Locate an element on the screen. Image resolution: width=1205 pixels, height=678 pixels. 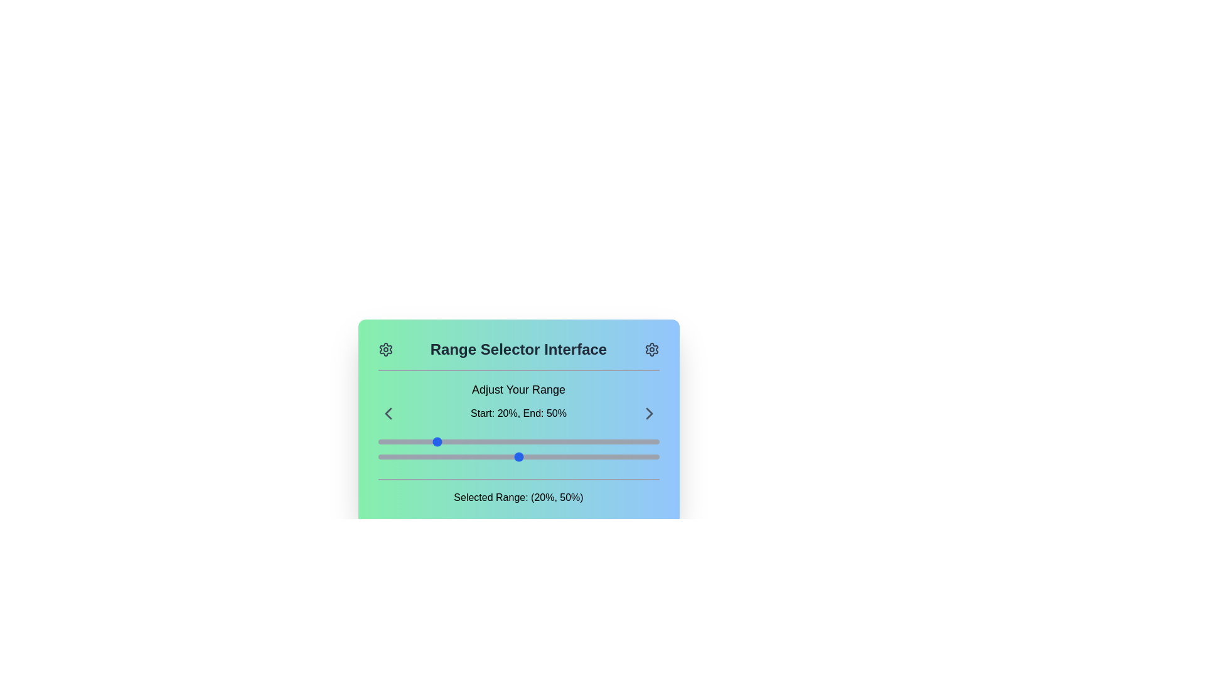
the gear-shaped settings icon located is located at coordinates (651, 349).